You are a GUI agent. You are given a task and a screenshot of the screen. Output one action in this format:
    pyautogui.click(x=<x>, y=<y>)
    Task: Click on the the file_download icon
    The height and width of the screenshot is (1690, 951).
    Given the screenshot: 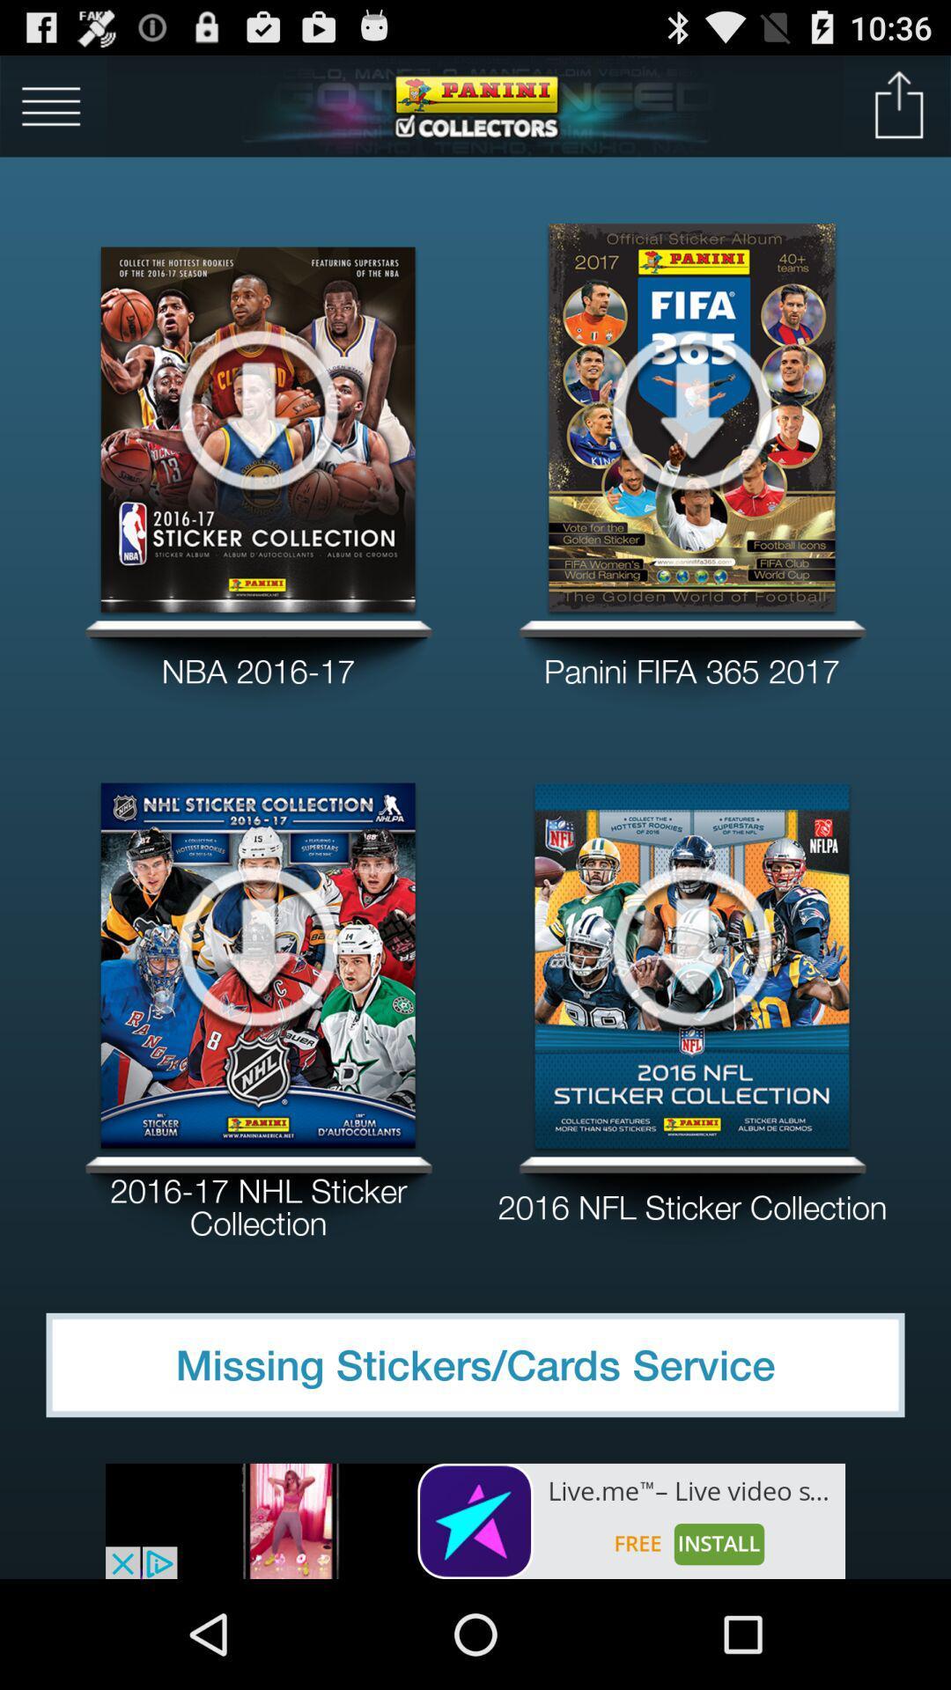 What is the action you would take?
    pyautogui.click(x=258, y=437)
    